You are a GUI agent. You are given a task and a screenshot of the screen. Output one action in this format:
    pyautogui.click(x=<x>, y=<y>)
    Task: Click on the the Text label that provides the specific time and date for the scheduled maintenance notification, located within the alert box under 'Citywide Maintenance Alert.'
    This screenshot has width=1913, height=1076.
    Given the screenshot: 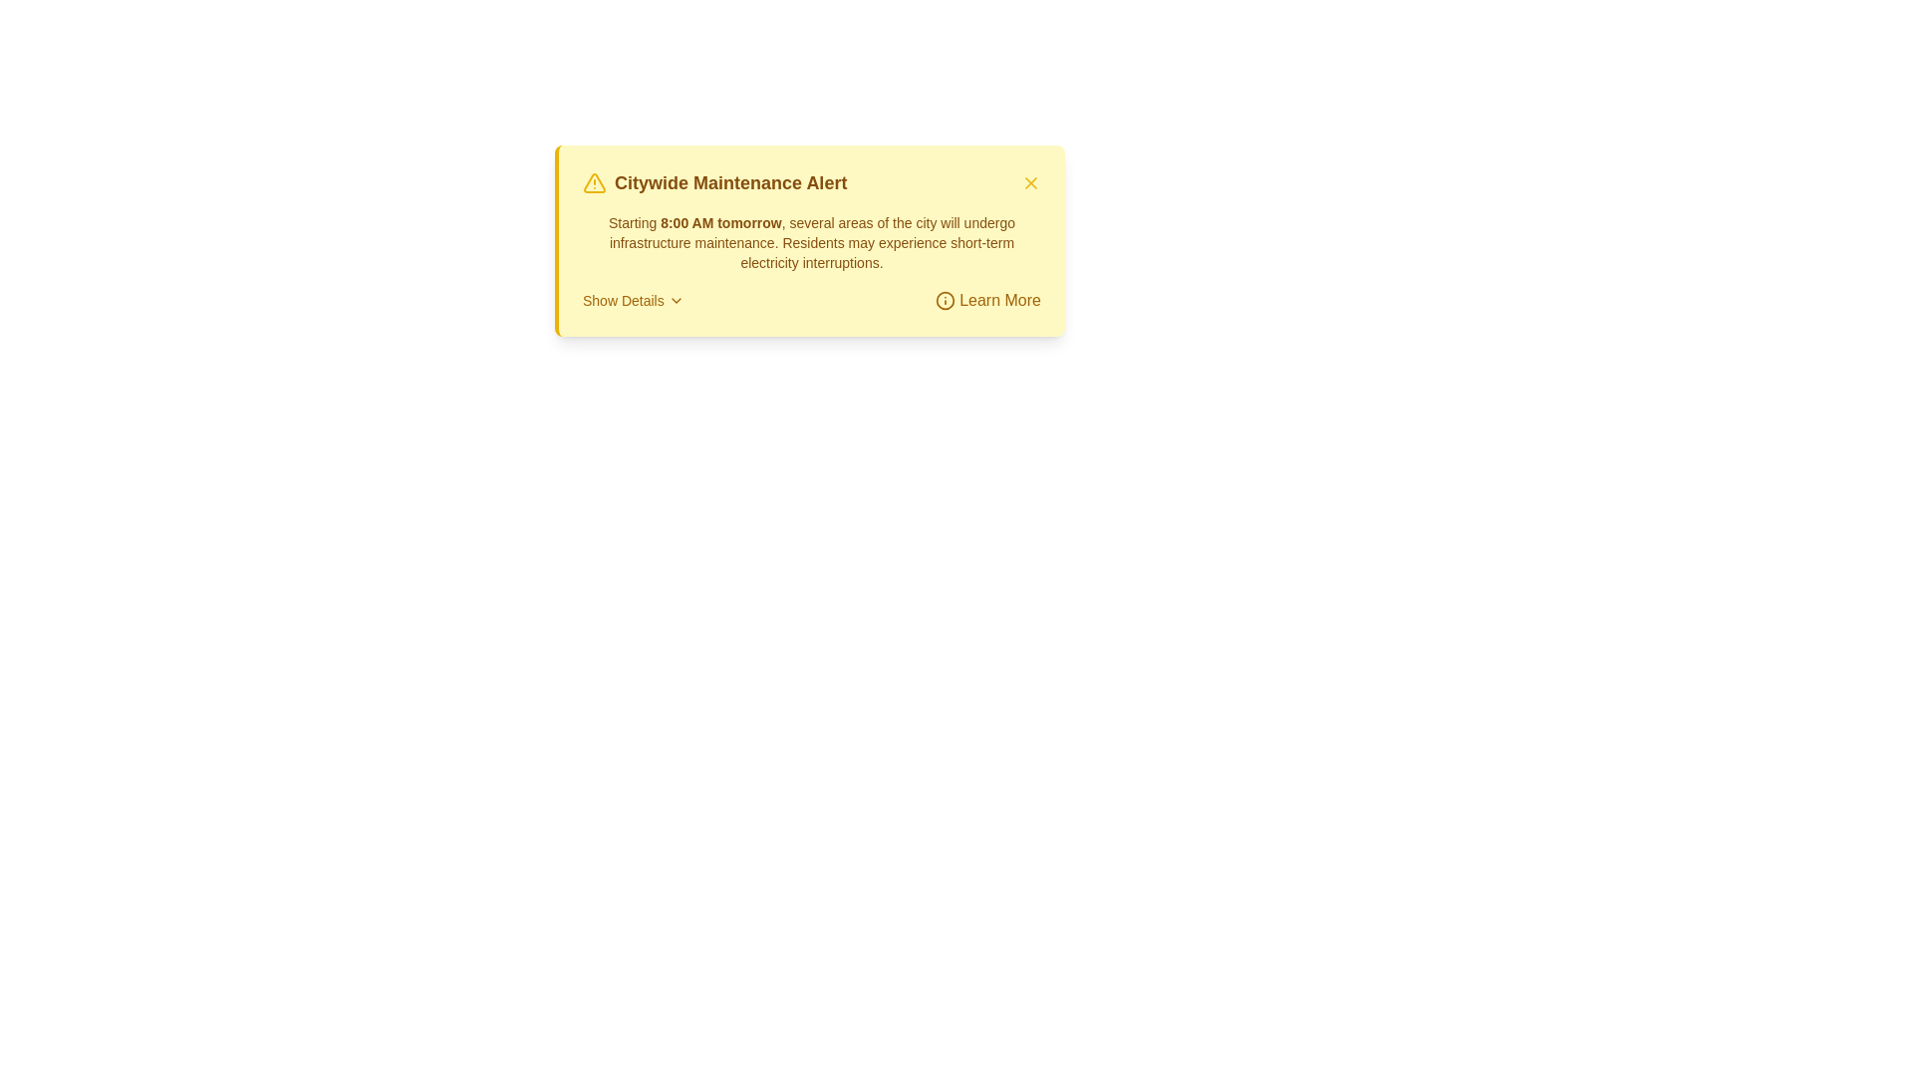 What is the action you would take?
    pyautogui.click(x=720, y=222)
    